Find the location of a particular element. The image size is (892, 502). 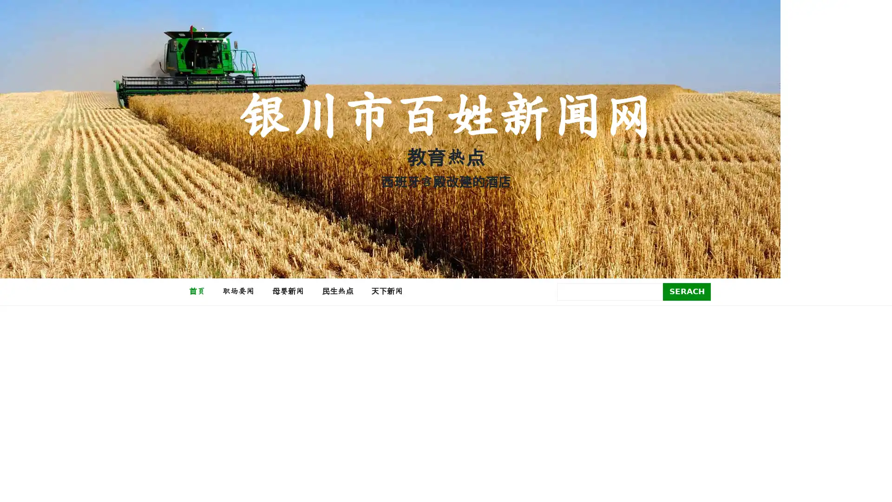

serach is located at coordinates (687, 291).